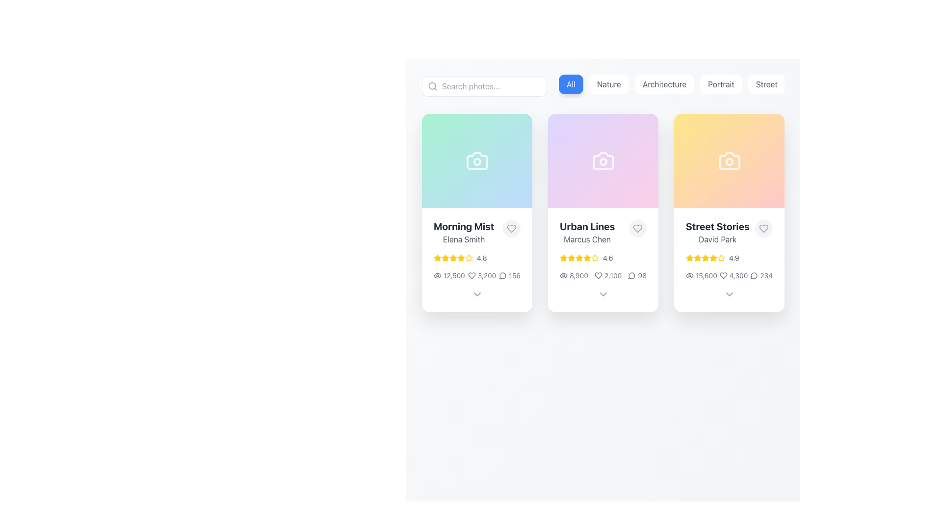  Describe the element at coordinates (763, 229) in the screenshot. I see `the center of the 'like' icon located at the bottom-right corner of the 'Street Stories' card to 'like' or 'unlike' the content` at that location.